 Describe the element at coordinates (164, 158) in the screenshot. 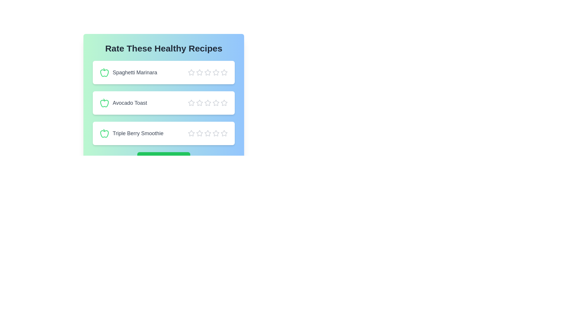

I see `the 'Submit Feedback' button to submit the ratings` at that location.